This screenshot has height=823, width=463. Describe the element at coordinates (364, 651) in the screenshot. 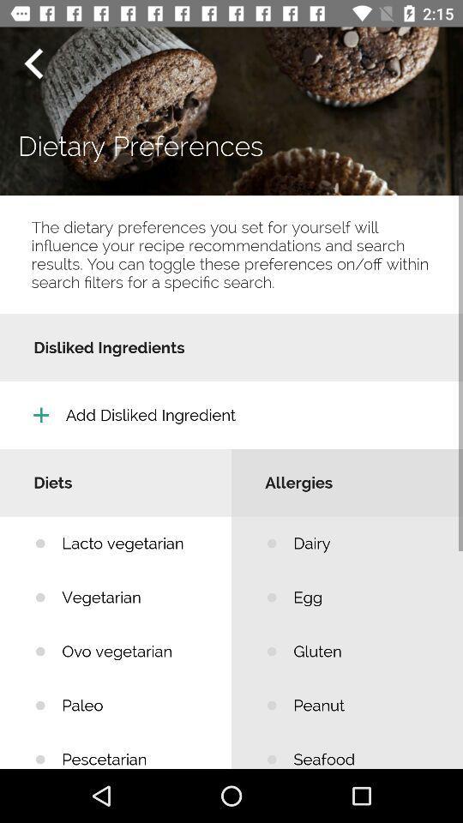

I see `item to the right of the vegetarian item` at that location.